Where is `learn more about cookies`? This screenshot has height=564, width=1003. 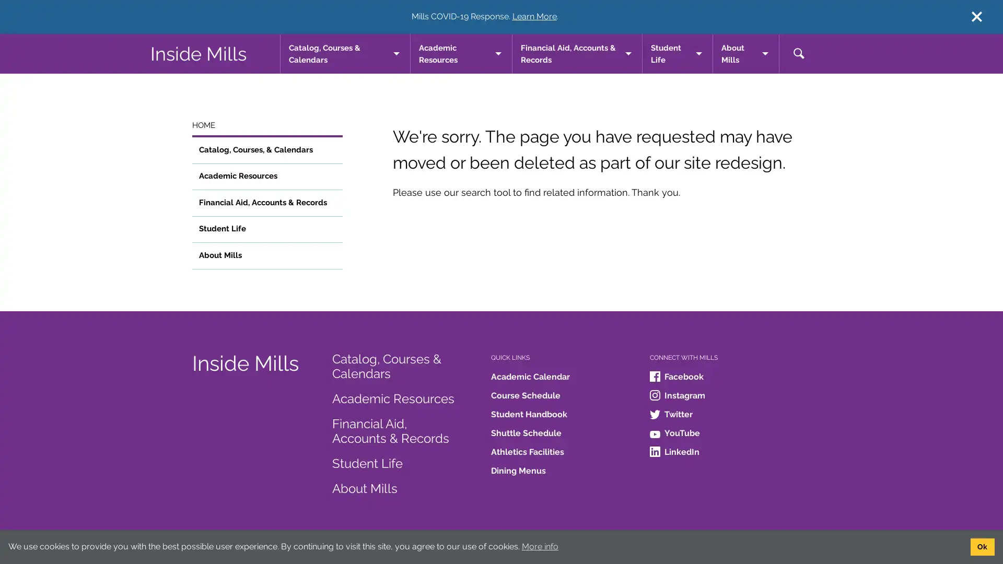
learn more about cookies is located at coordinates (541, 546).